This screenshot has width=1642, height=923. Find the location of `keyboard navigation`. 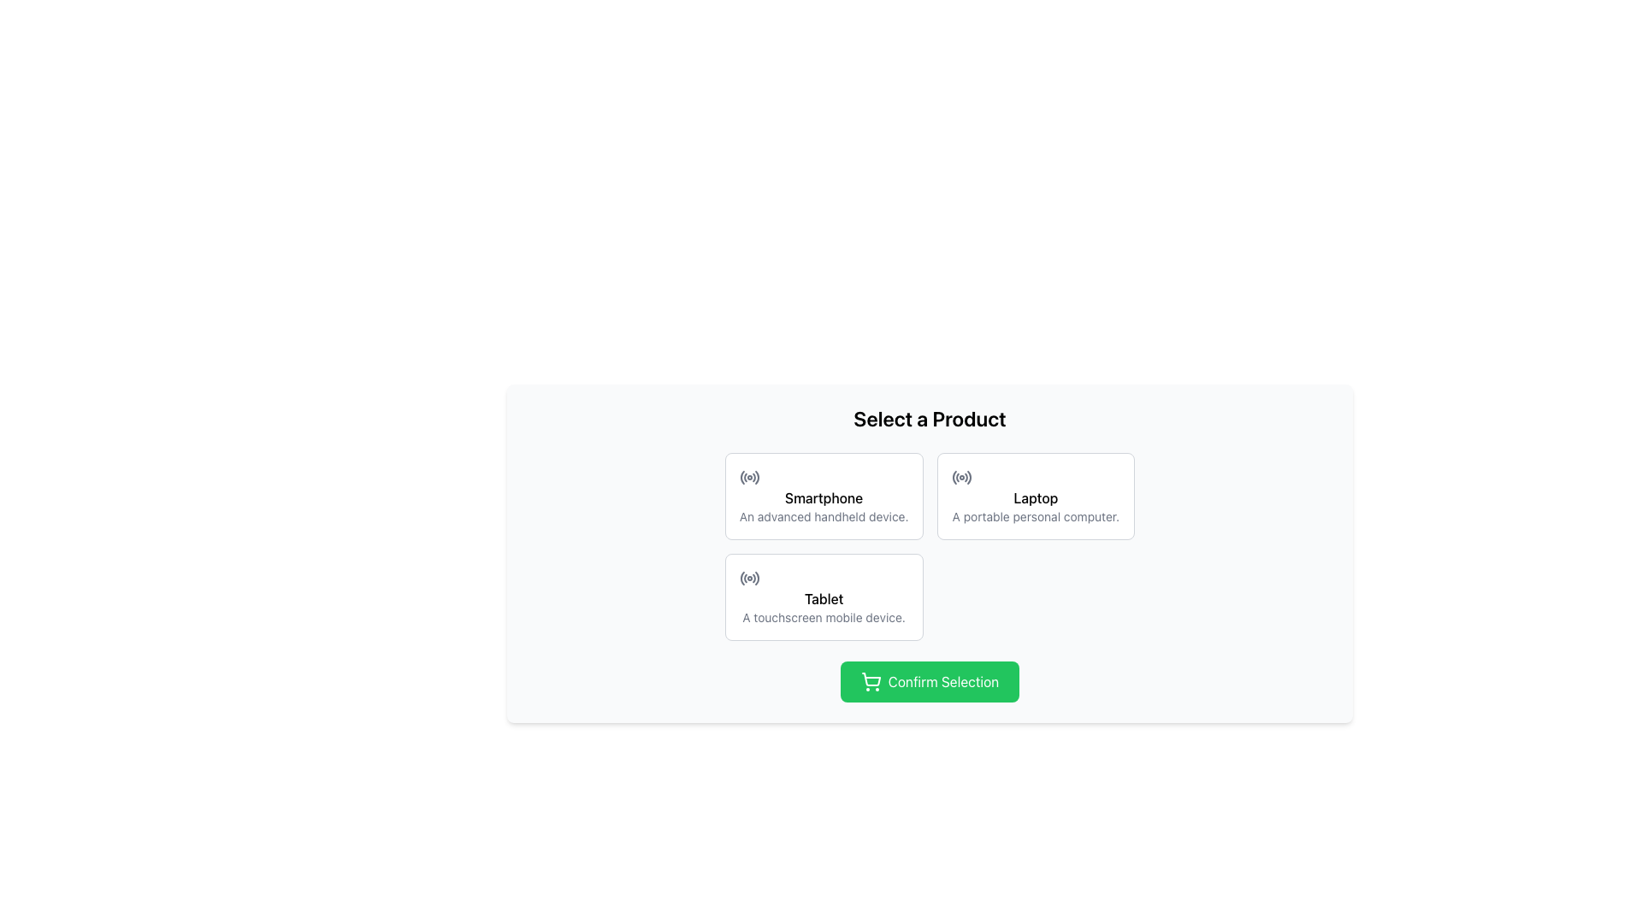

keyboard navigation is located at coordinates (1035, 497).